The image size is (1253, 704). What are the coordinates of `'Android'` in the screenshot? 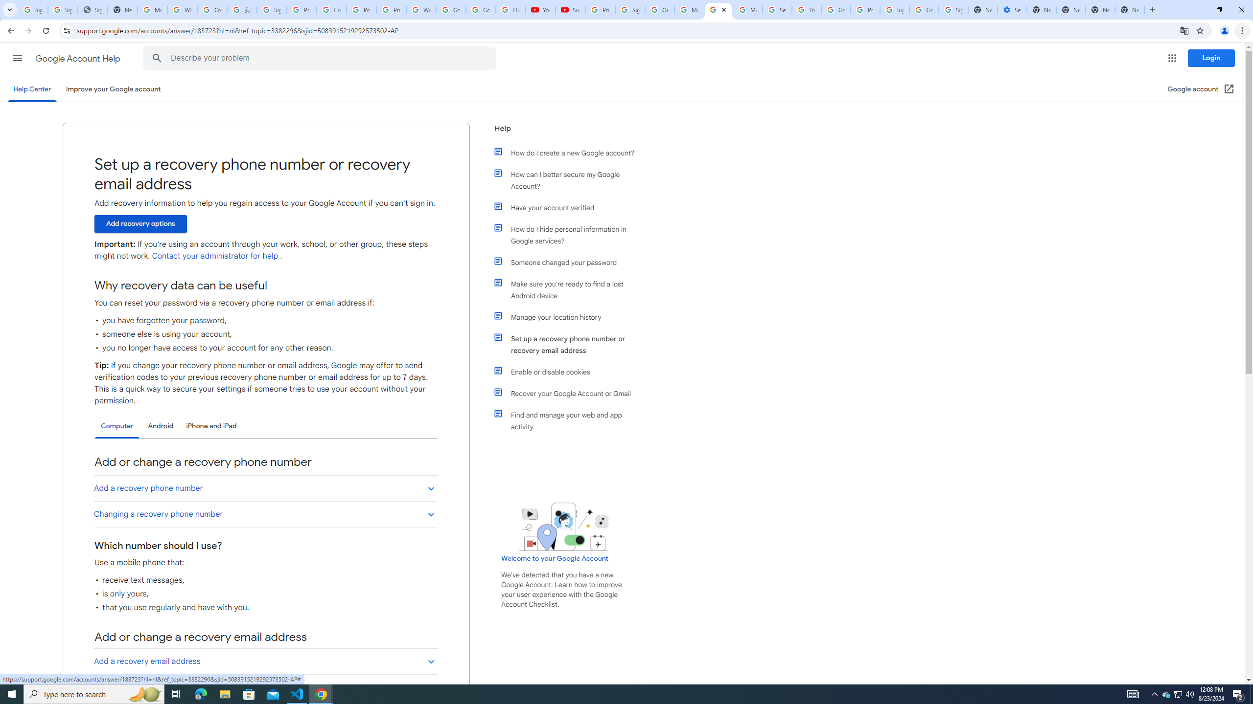 It's located at (160, 425).